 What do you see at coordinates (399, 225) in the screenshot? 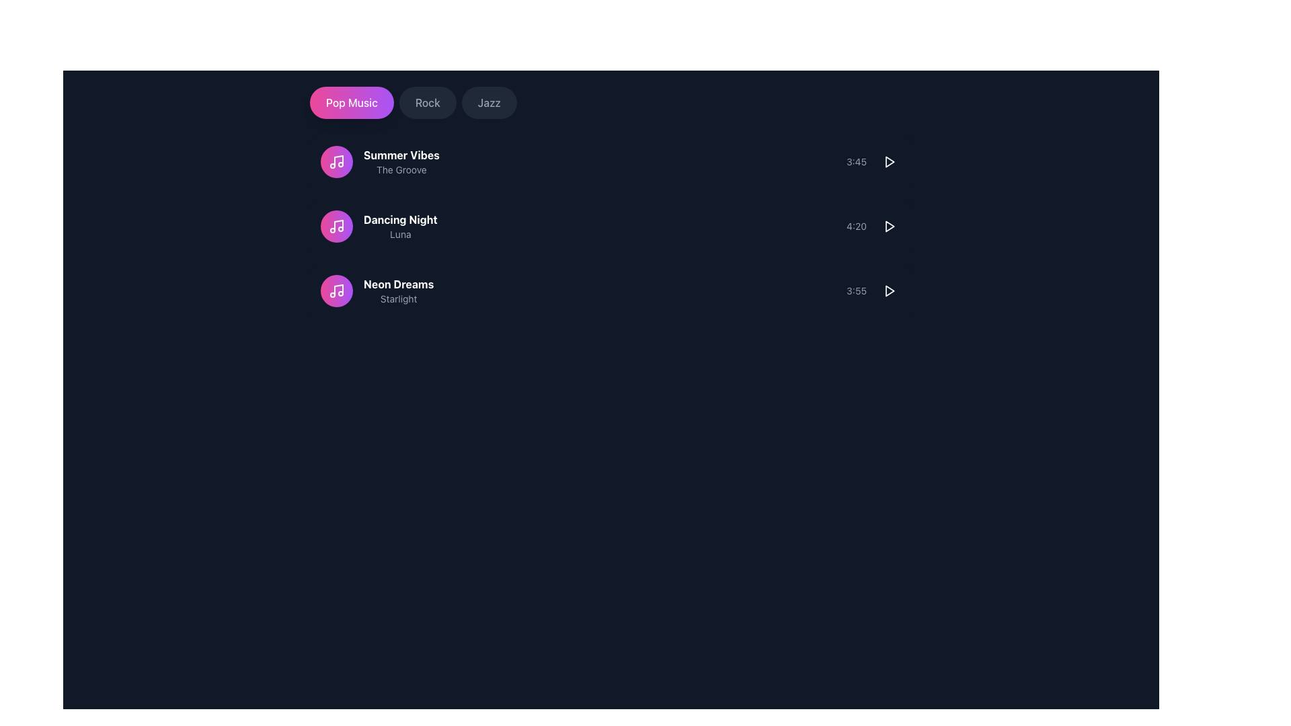
I see `the Text Display element that shows 'Dancing Night' in bold white font and 'Luna' in smaller gray font, located in a vertical list of musical entries` at bounding box center [399, 225].